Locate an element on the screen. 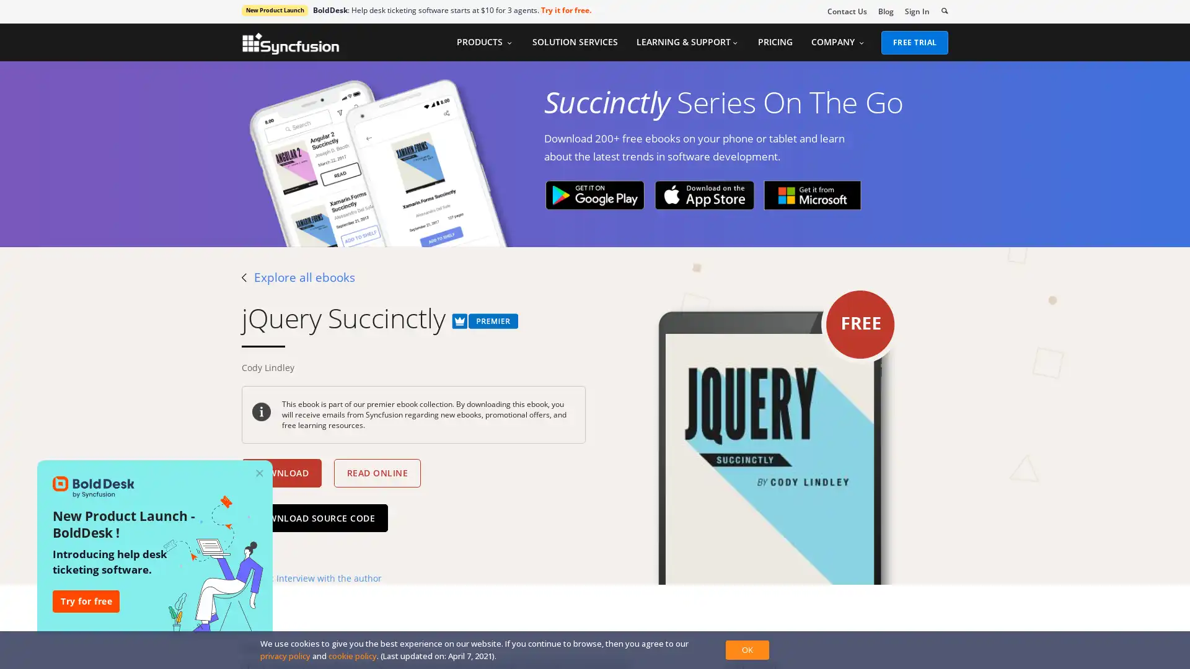 This screenshot has height=669, width=1190. READ ONLINE is located at coordinates (376, 473).